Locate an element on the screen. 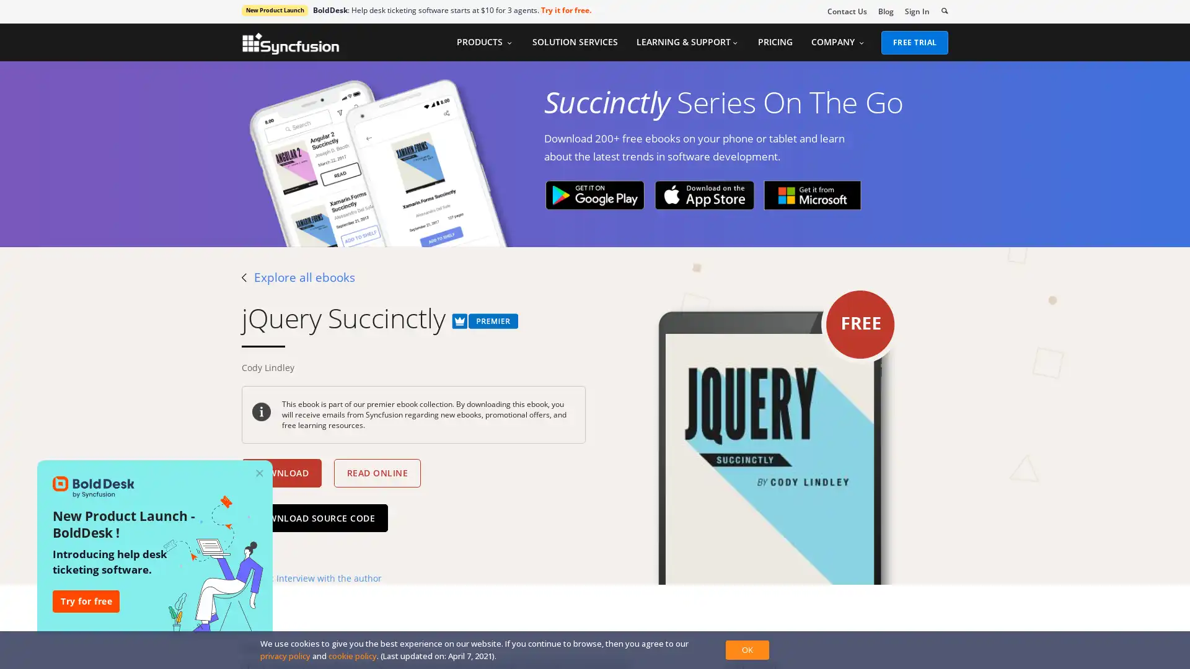 This screenshot has height=669, width=1190. READ ONLINE is located at coordinates (376, 473).